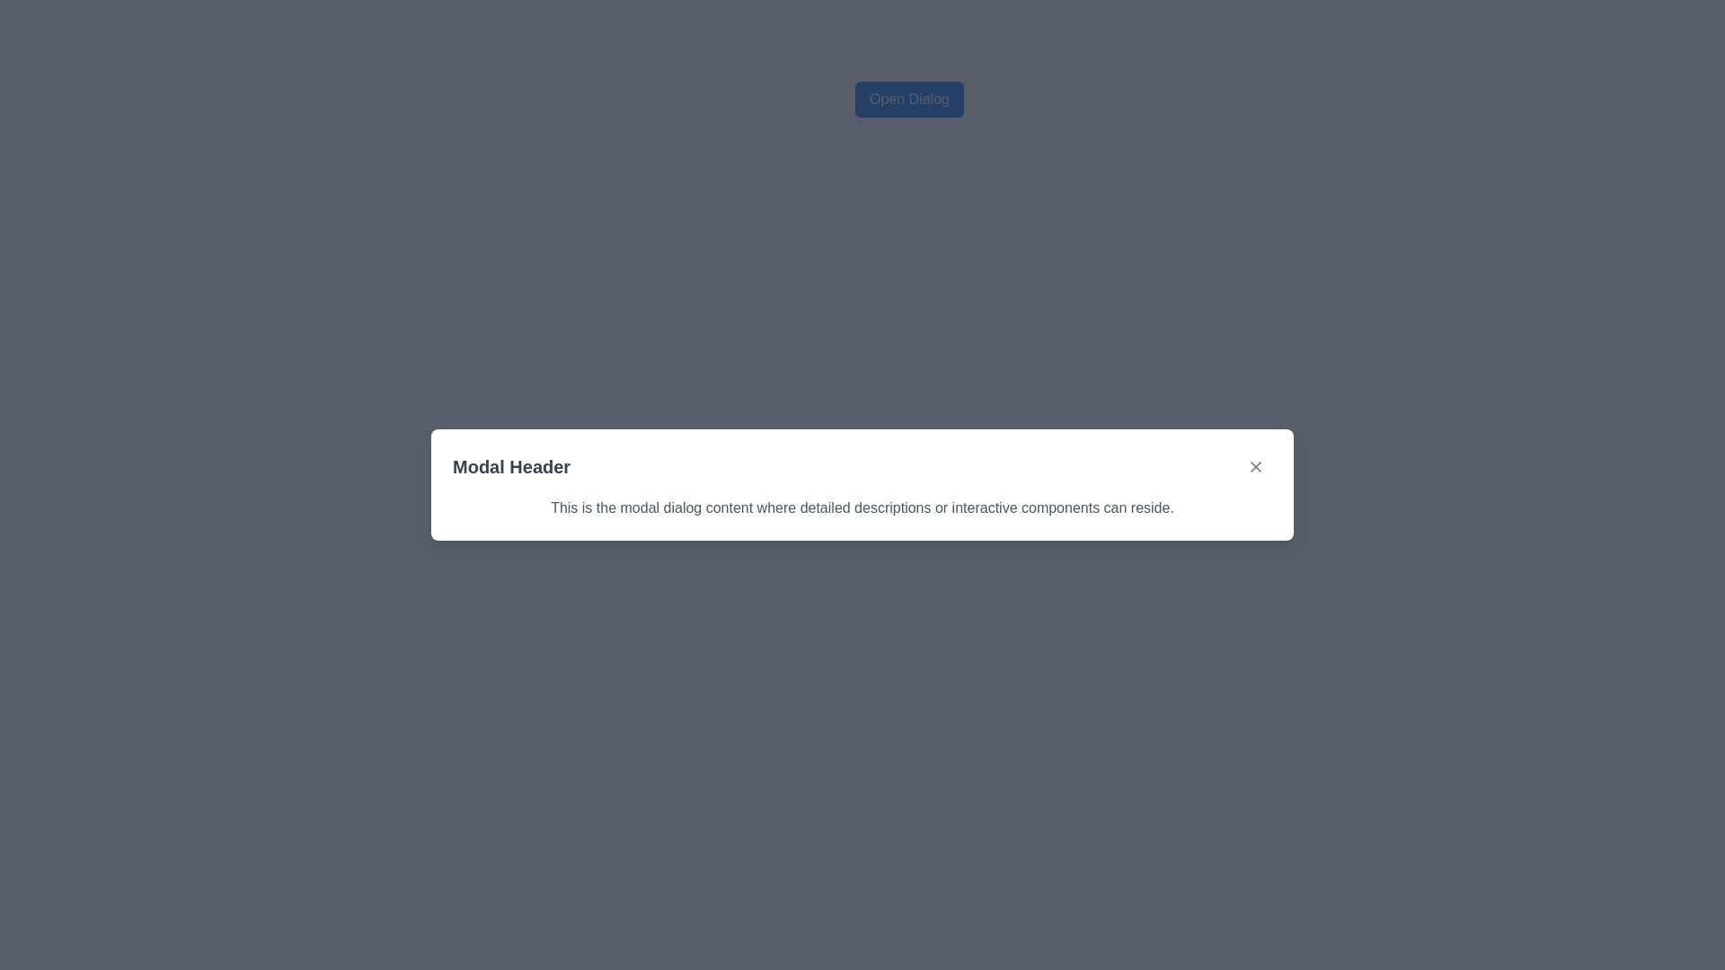 Image resolution: width=1725 pixels, height=970 pixels. What do you see at coordinates (1254, 466) in the screenshot?
I see `the close button located at the top-right corner of the modal dialog's header section` at bounding box center [1254, 466].